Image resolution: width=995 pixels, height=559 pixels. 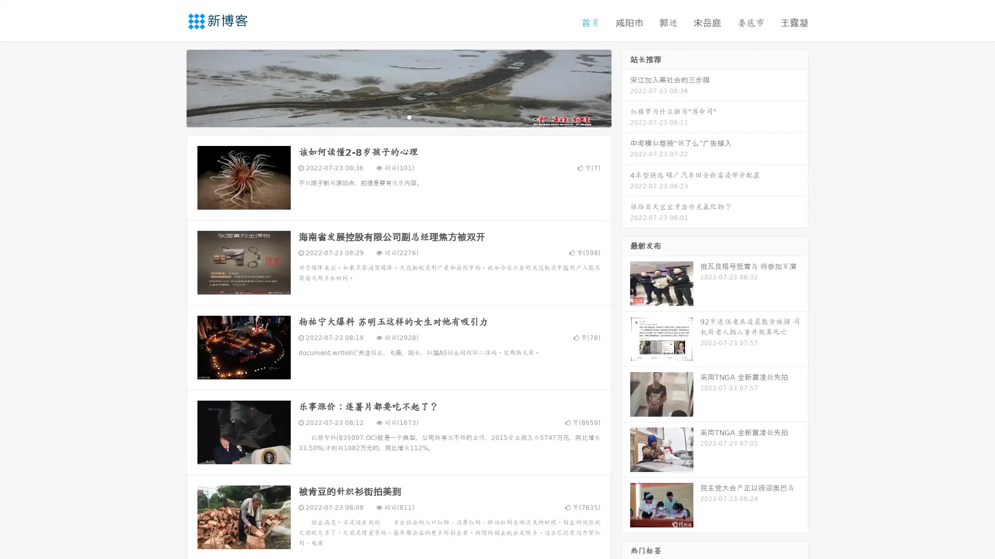 I want to click on Go to slide 2, so click(x=398, y=116).